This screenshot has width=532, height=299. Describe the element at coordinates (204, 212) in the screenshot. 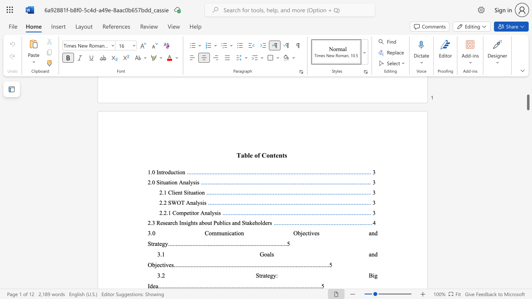

I see `the subset text "nalysis" within the text "2.2.1 Competitor Analysis"` at that location.